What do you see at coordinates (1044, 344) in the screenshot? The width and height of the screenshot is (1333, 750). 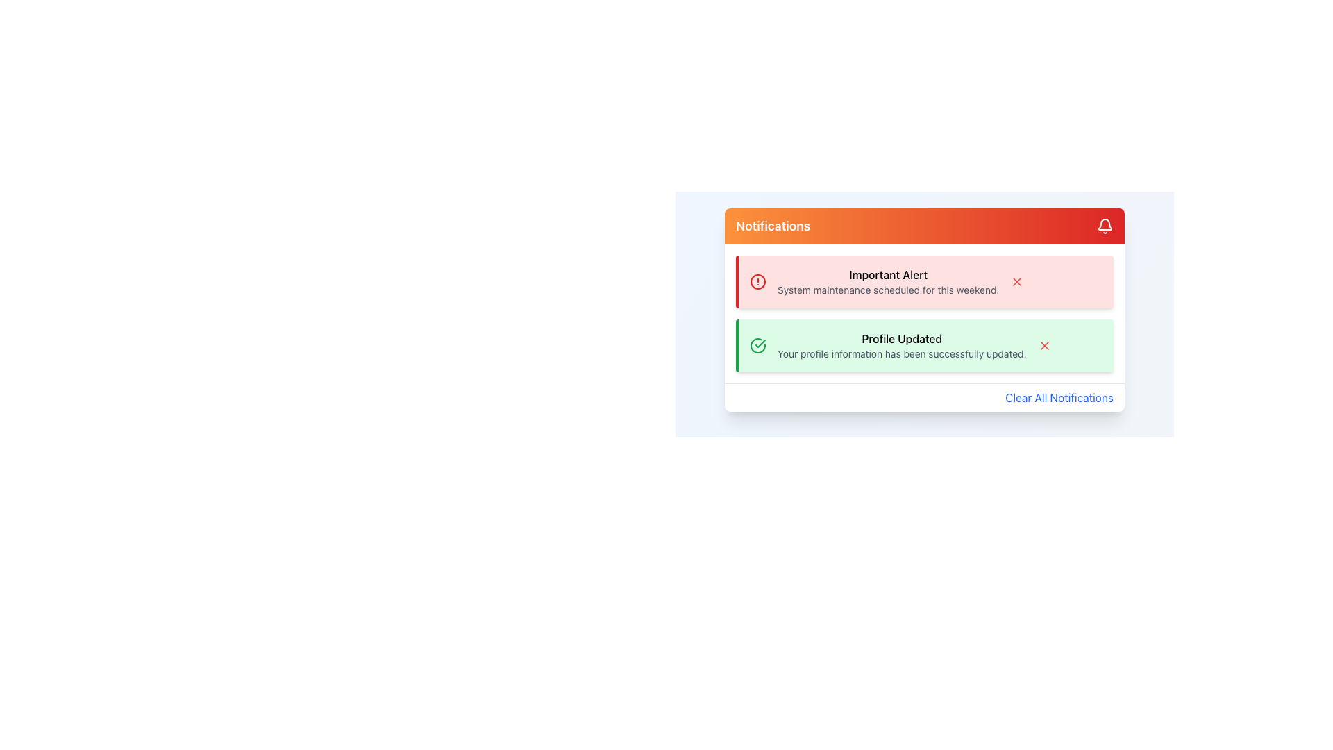 I see `the close button for the 'Profile Updated' notification to trigger the hover effect` at bounding box center [1044, 344].